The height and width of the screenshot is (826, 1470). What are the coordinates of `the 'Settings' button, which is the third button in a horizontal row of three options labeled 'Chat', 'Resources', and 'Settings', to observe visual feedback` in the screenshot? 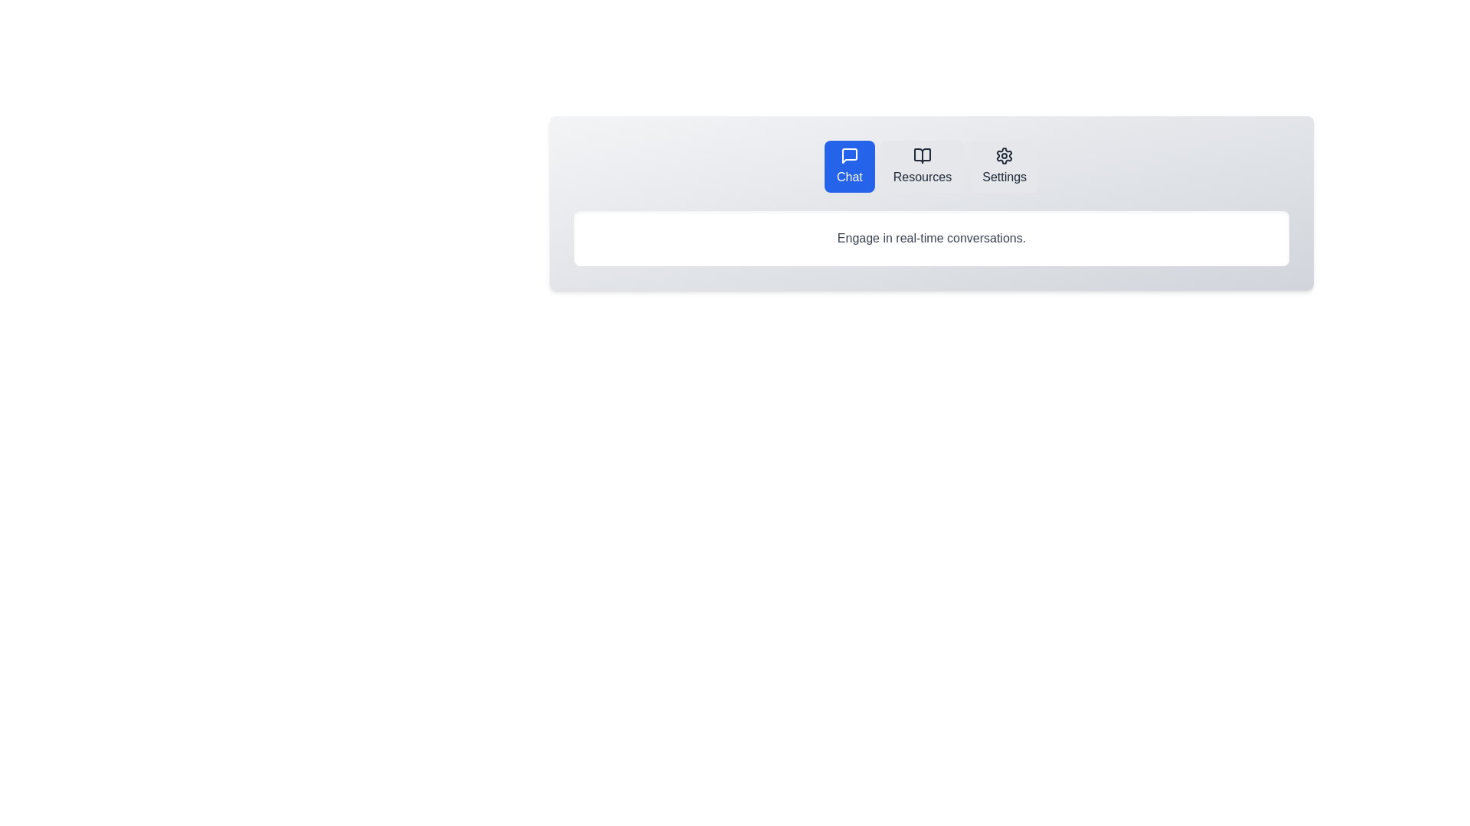 It's located at (1004, 167).